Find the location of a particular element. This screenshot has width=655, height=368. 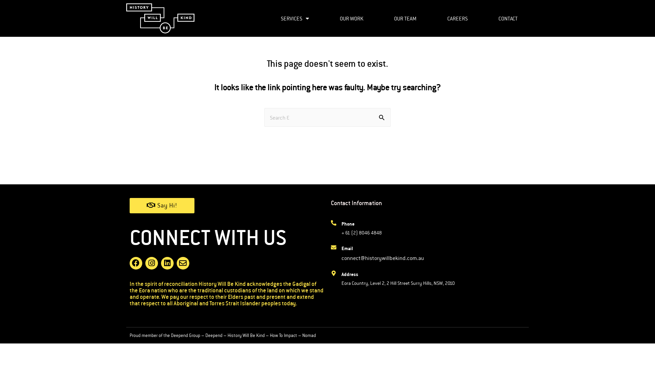

'How To Impact' is located at coordinates (283, 335).